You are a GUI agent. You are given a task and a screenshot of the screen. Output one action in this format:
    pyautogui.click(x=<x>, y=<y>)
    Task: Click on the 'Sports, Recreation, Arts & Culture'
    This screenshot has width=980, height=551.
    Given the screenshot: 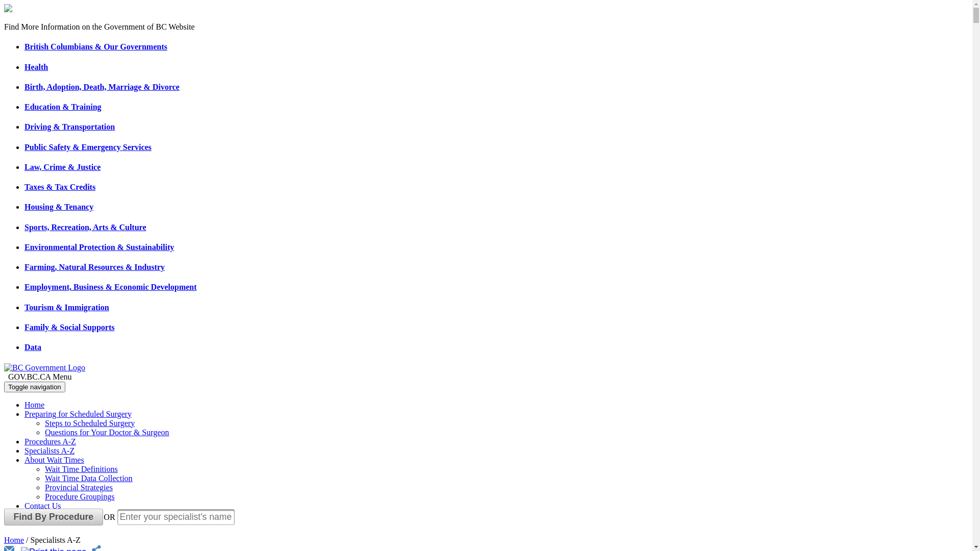 What is the action you would take?
    pyautogui.click(x=85, y=227)
    